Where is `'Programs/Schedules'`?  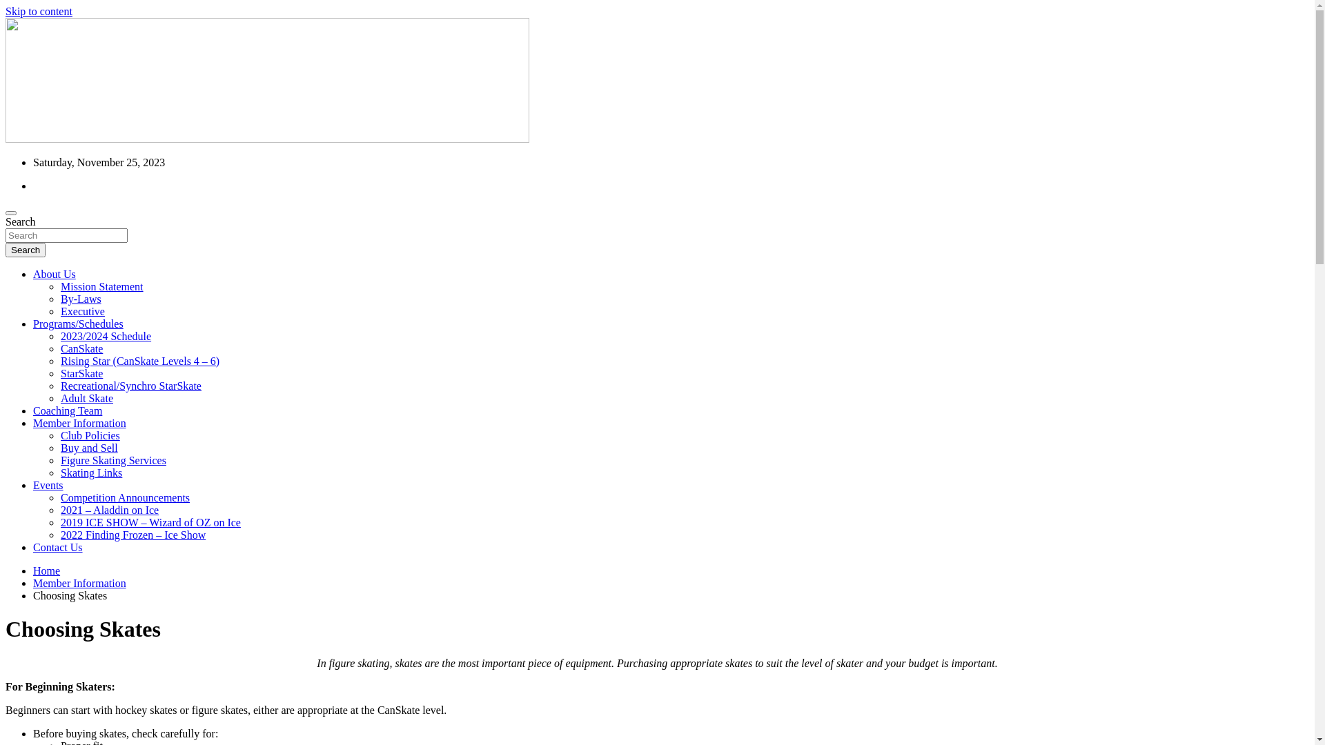
'Programs/Schedules' is located at coordinates (77, 324).